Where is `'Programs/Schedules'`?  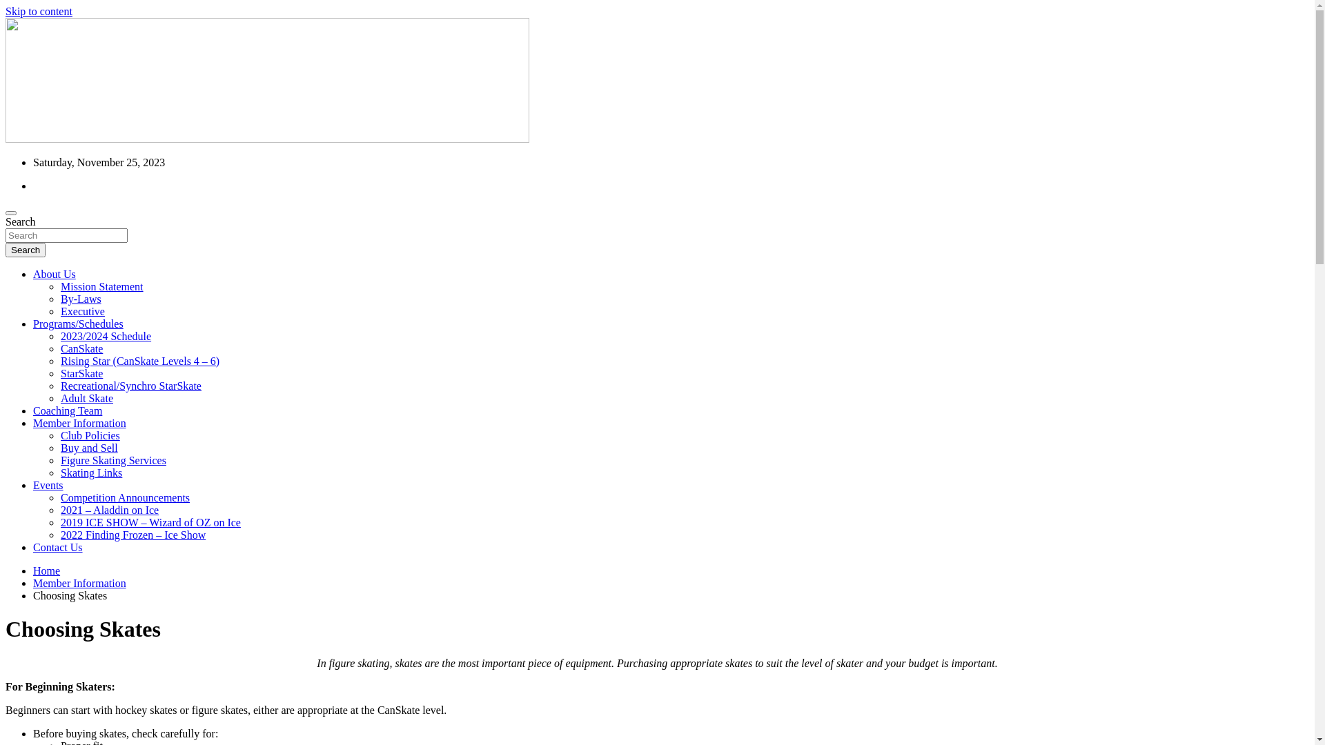
'Programs/Schedules' is located at coordinates (77, 324).